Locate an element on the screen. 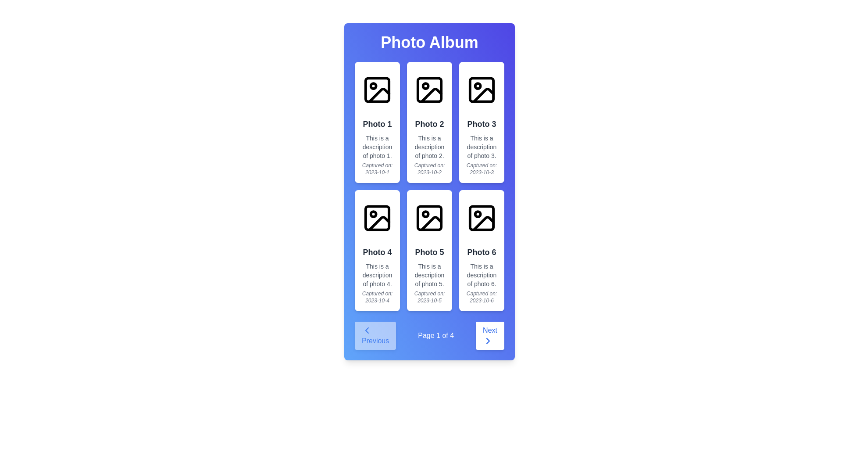 The width and height of the screenshot is (842, 474). the title Text Label for the photo card located in the center card of the second row is located at coordinates (429, 252).